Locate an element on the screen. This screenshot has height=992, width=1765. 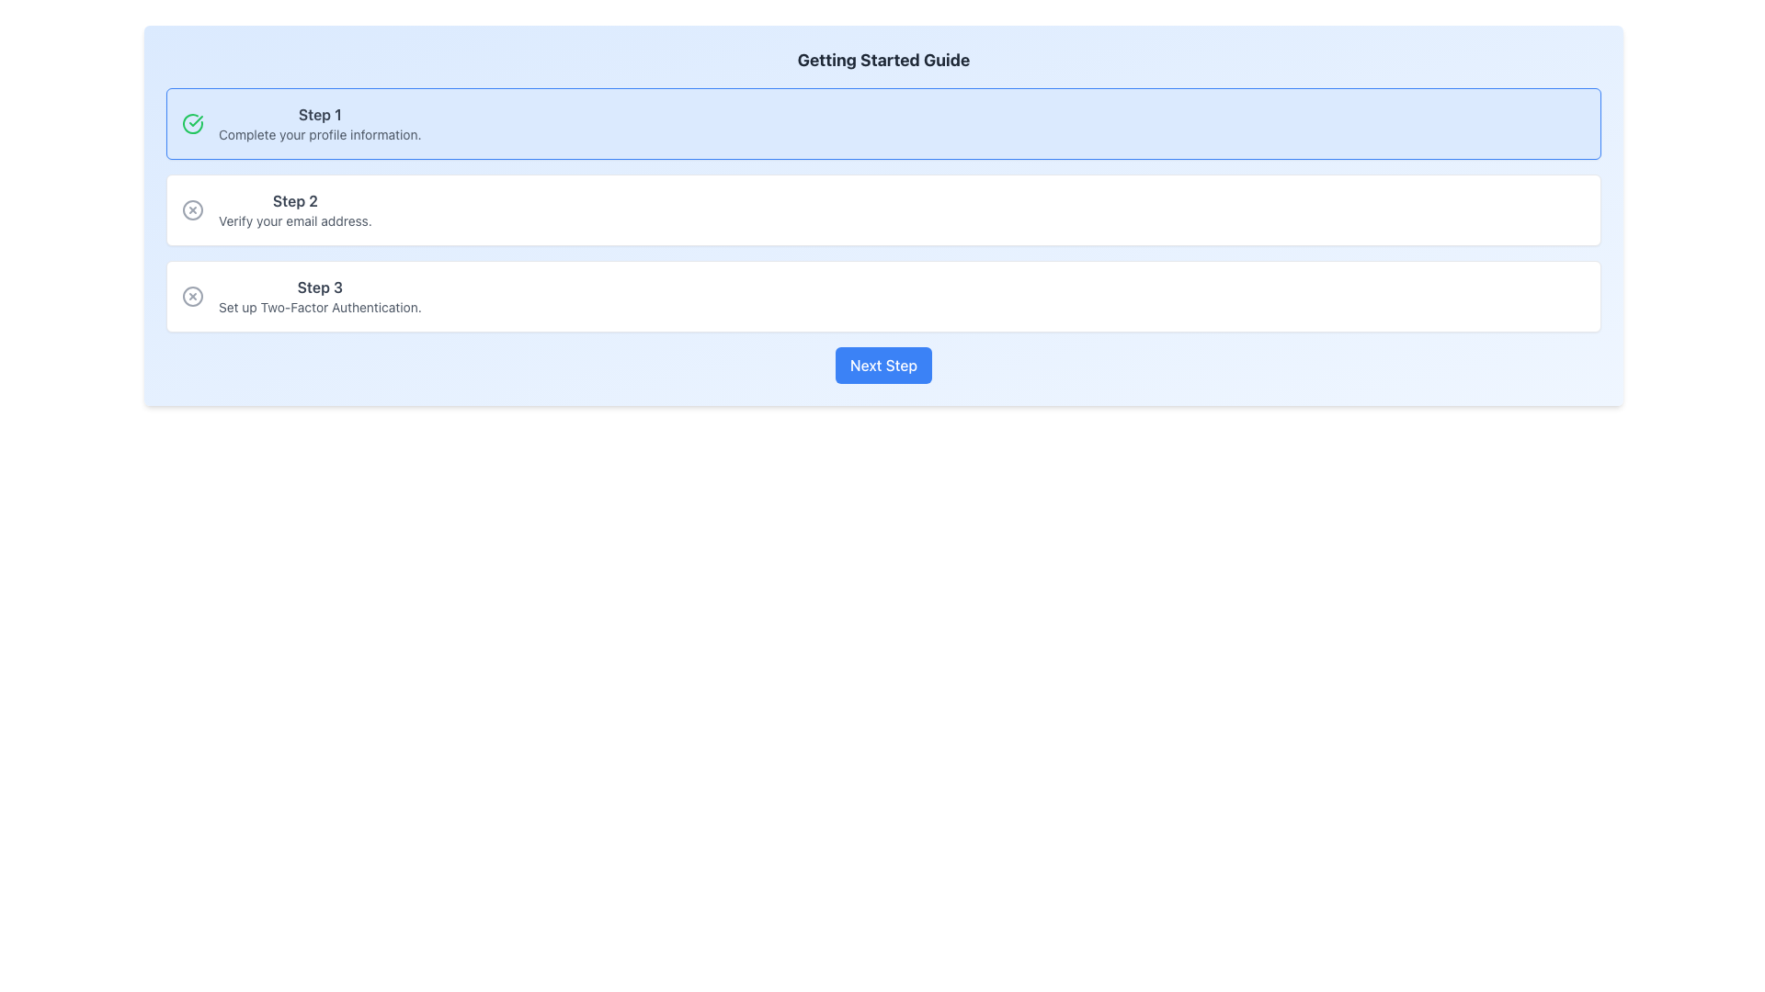
the indicator icon that denotes an incomplete or error state for Step 2 - Verify your email address in the Getting Started Guide interface is located at coordinates (193, 209).